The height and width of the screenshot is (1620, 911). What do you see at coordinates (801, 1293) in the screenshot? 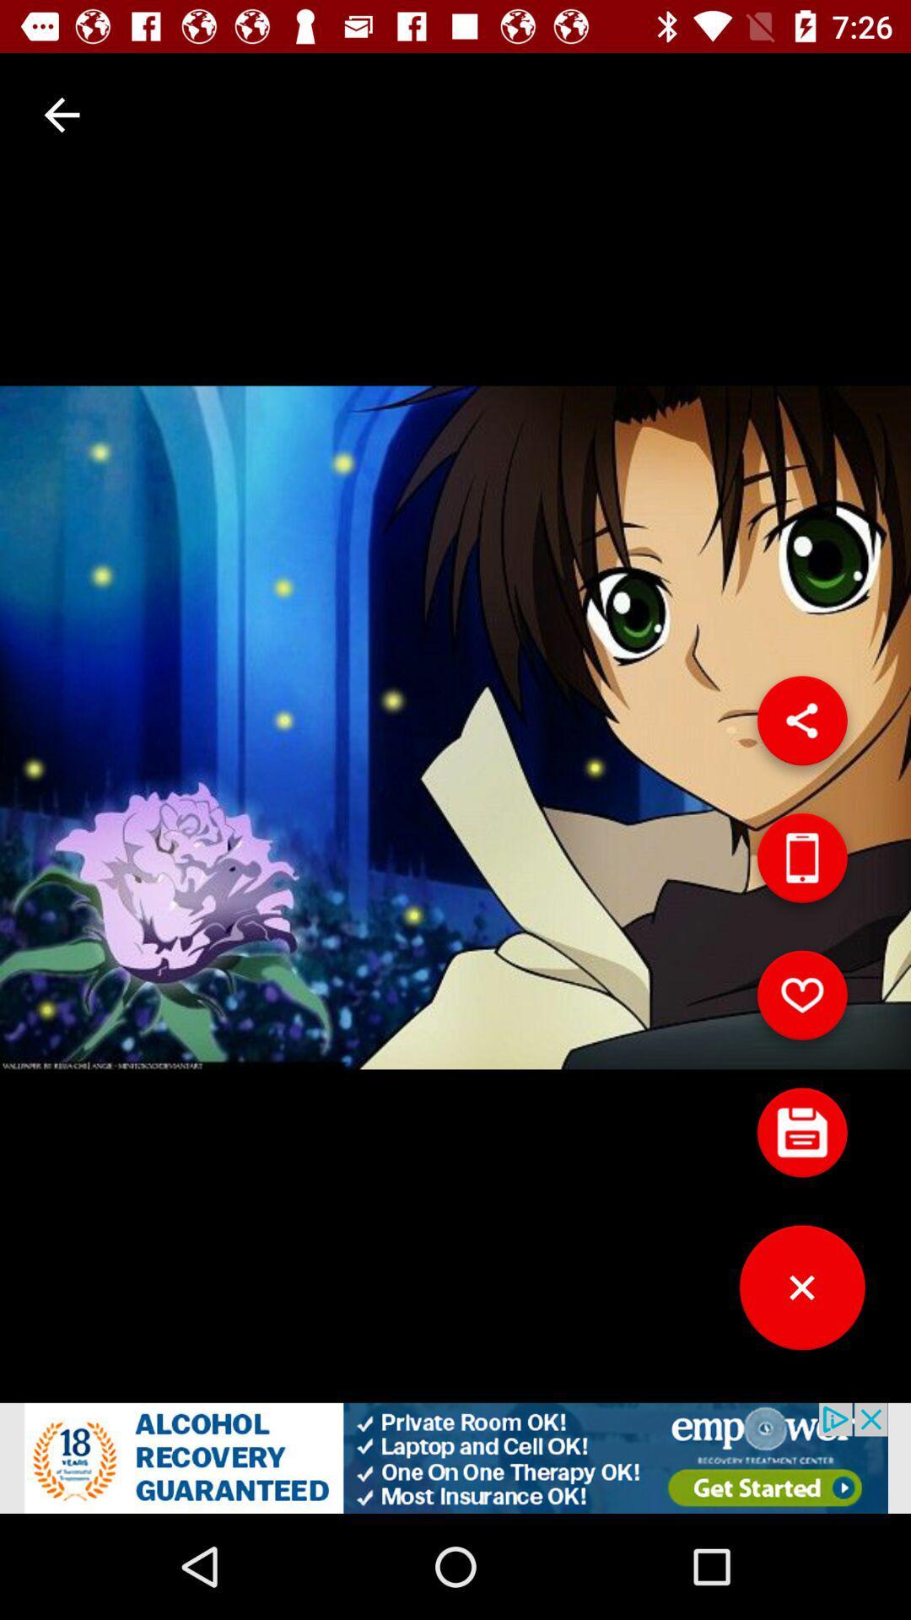
I see `close` at bounding box center [801, 1293].